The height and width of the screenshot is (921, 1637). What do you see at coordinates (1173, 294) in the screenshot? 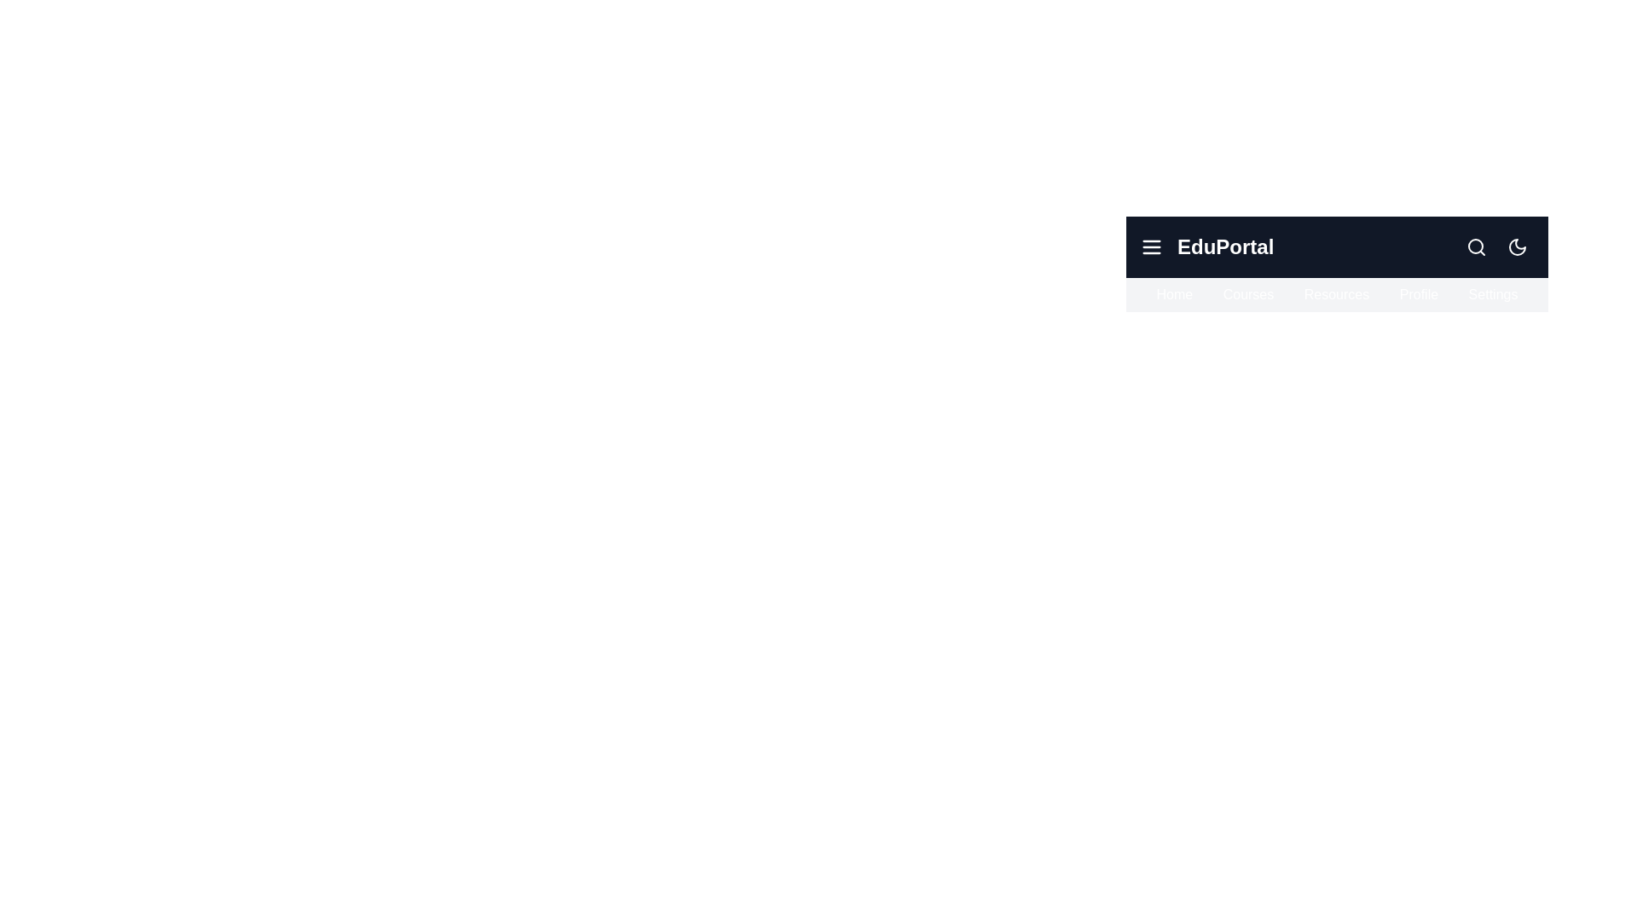
I see `the navigation item Home from the navigation bar` at bounding box center [1173, 294].